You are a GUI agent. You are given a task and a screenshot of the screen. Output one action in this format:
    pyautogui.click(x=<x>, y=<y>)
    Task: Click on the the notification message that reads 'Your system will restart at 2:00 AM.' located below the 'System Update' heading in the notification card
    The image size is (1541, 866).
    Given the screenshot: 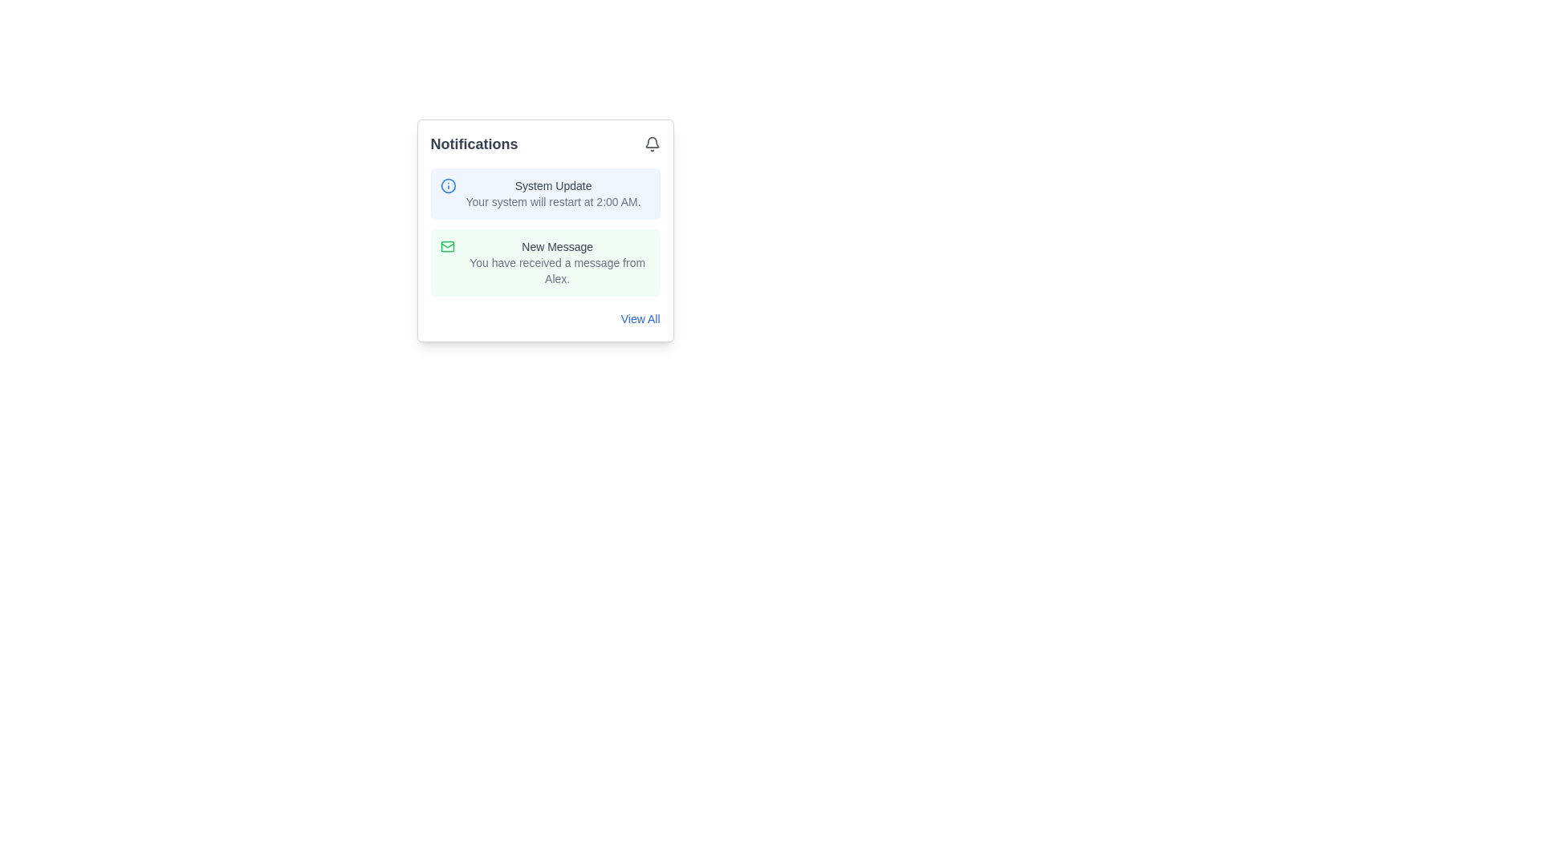 What is the action you would take?
    pyautogui.click(x=553, y=200)
    